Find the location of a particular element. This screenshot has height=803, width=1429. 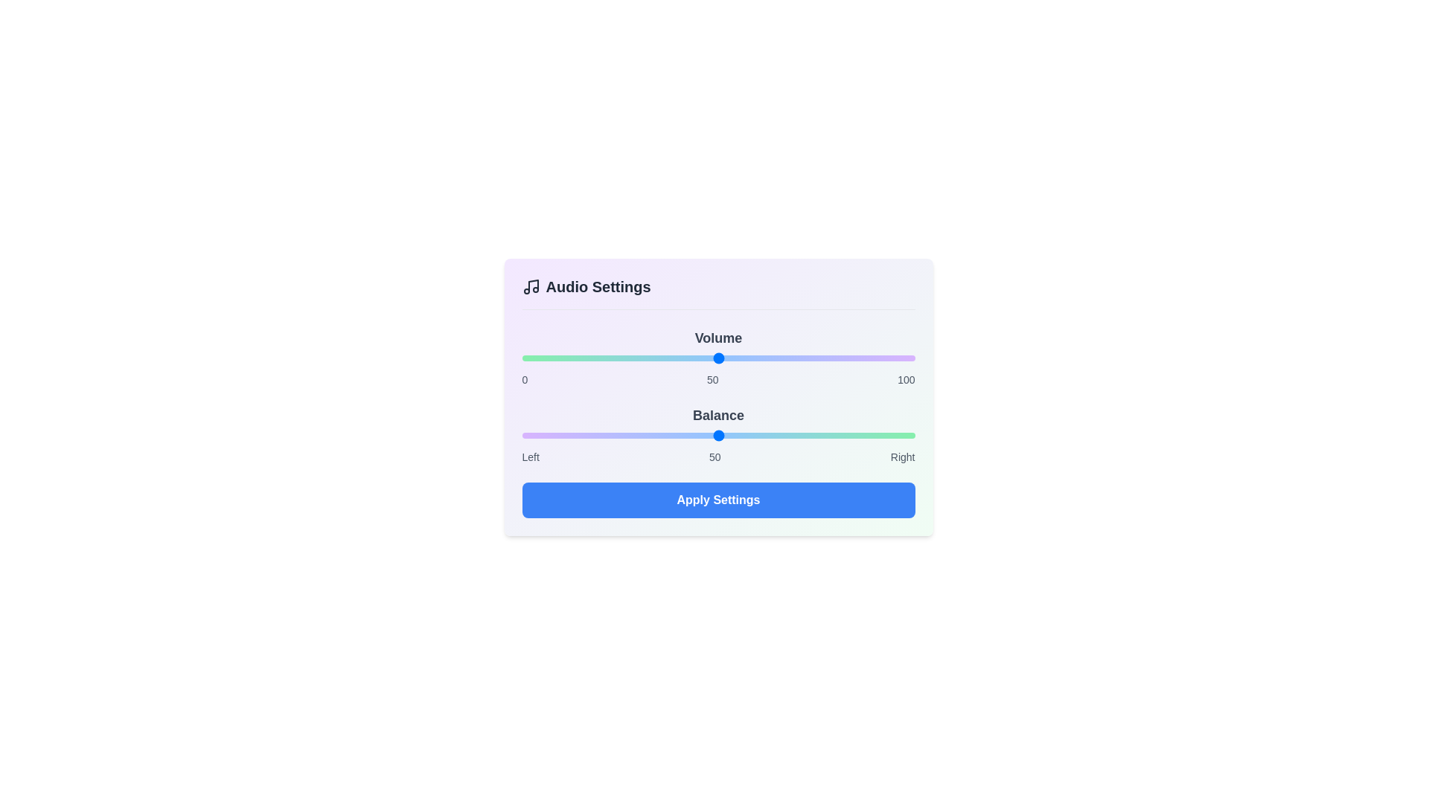

the volume level is located at coordinates (674, 358).